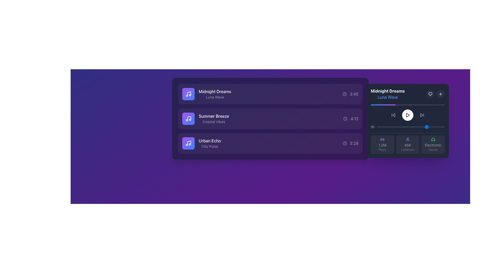 The image size is (493, 277). I want to click on the slider, so click(439, 127).